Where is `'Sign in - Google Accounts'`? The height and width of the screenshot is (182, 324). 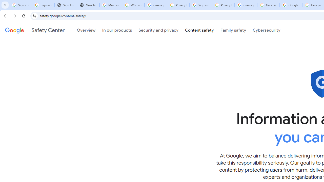
'Sign in - Google Accounts' is located at coordinates (43, 5).